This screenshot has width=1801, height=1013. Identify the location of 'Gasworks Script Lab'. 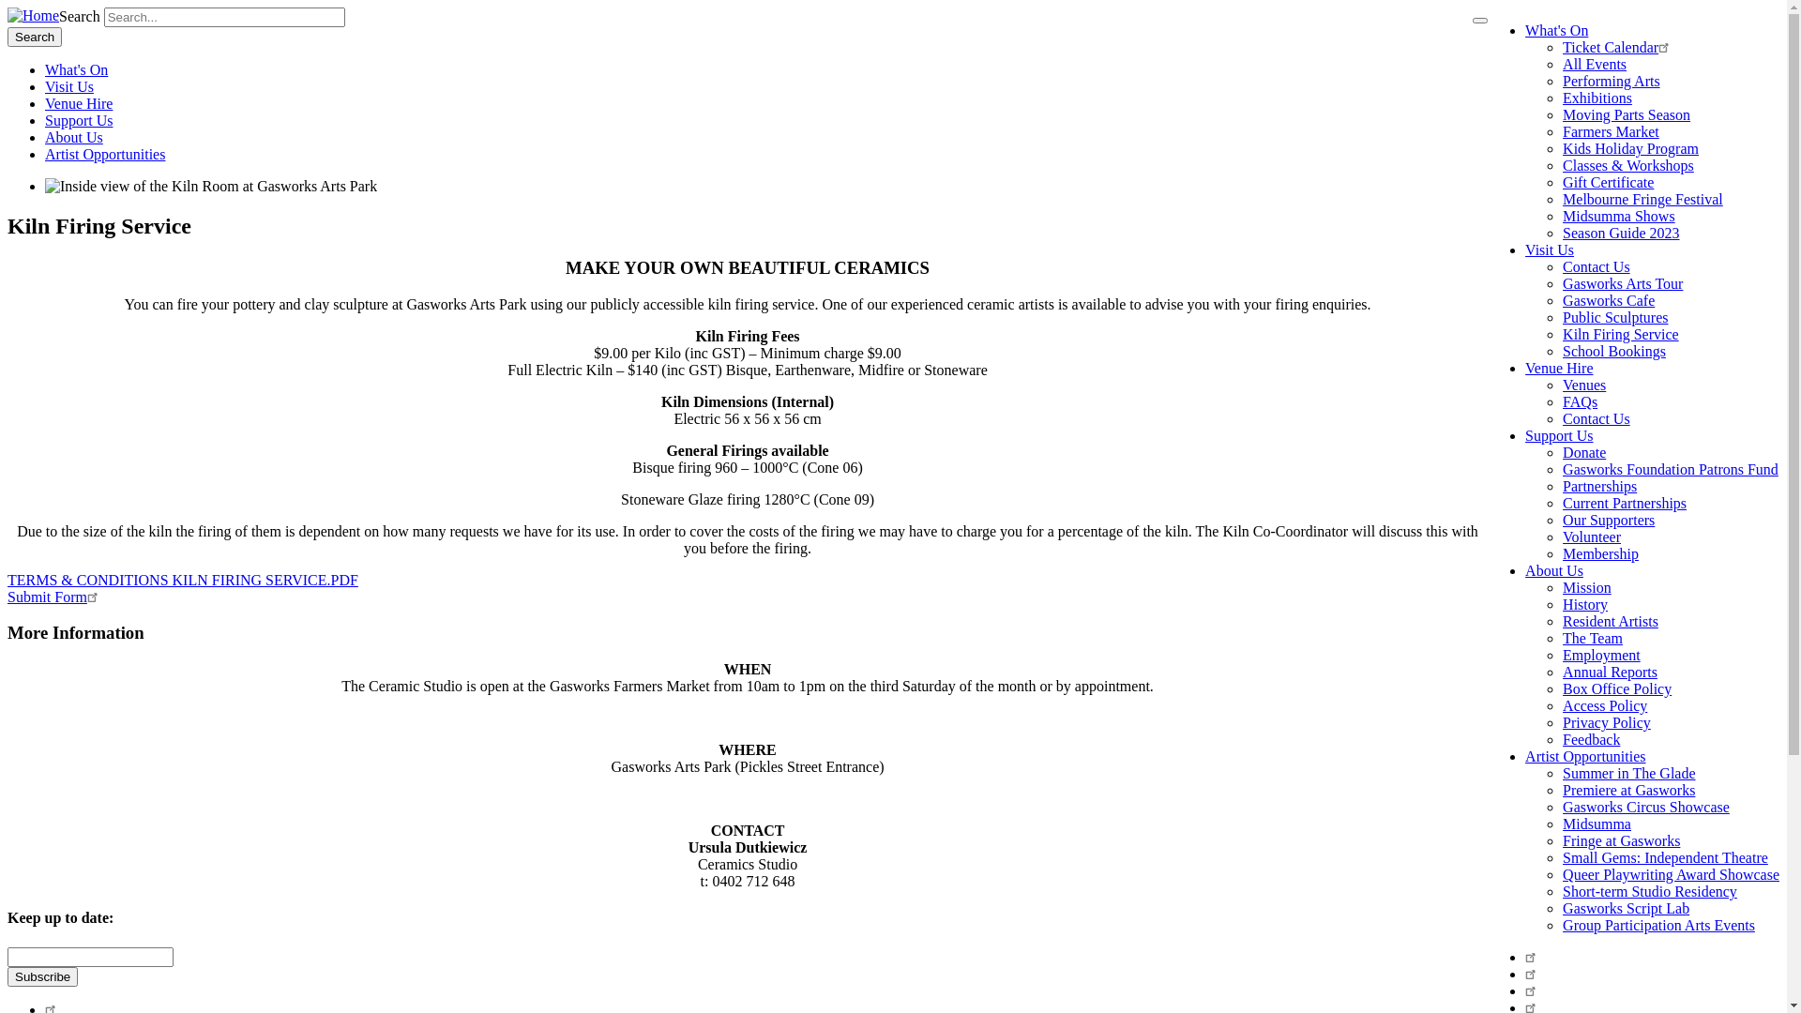
(1562, 907).